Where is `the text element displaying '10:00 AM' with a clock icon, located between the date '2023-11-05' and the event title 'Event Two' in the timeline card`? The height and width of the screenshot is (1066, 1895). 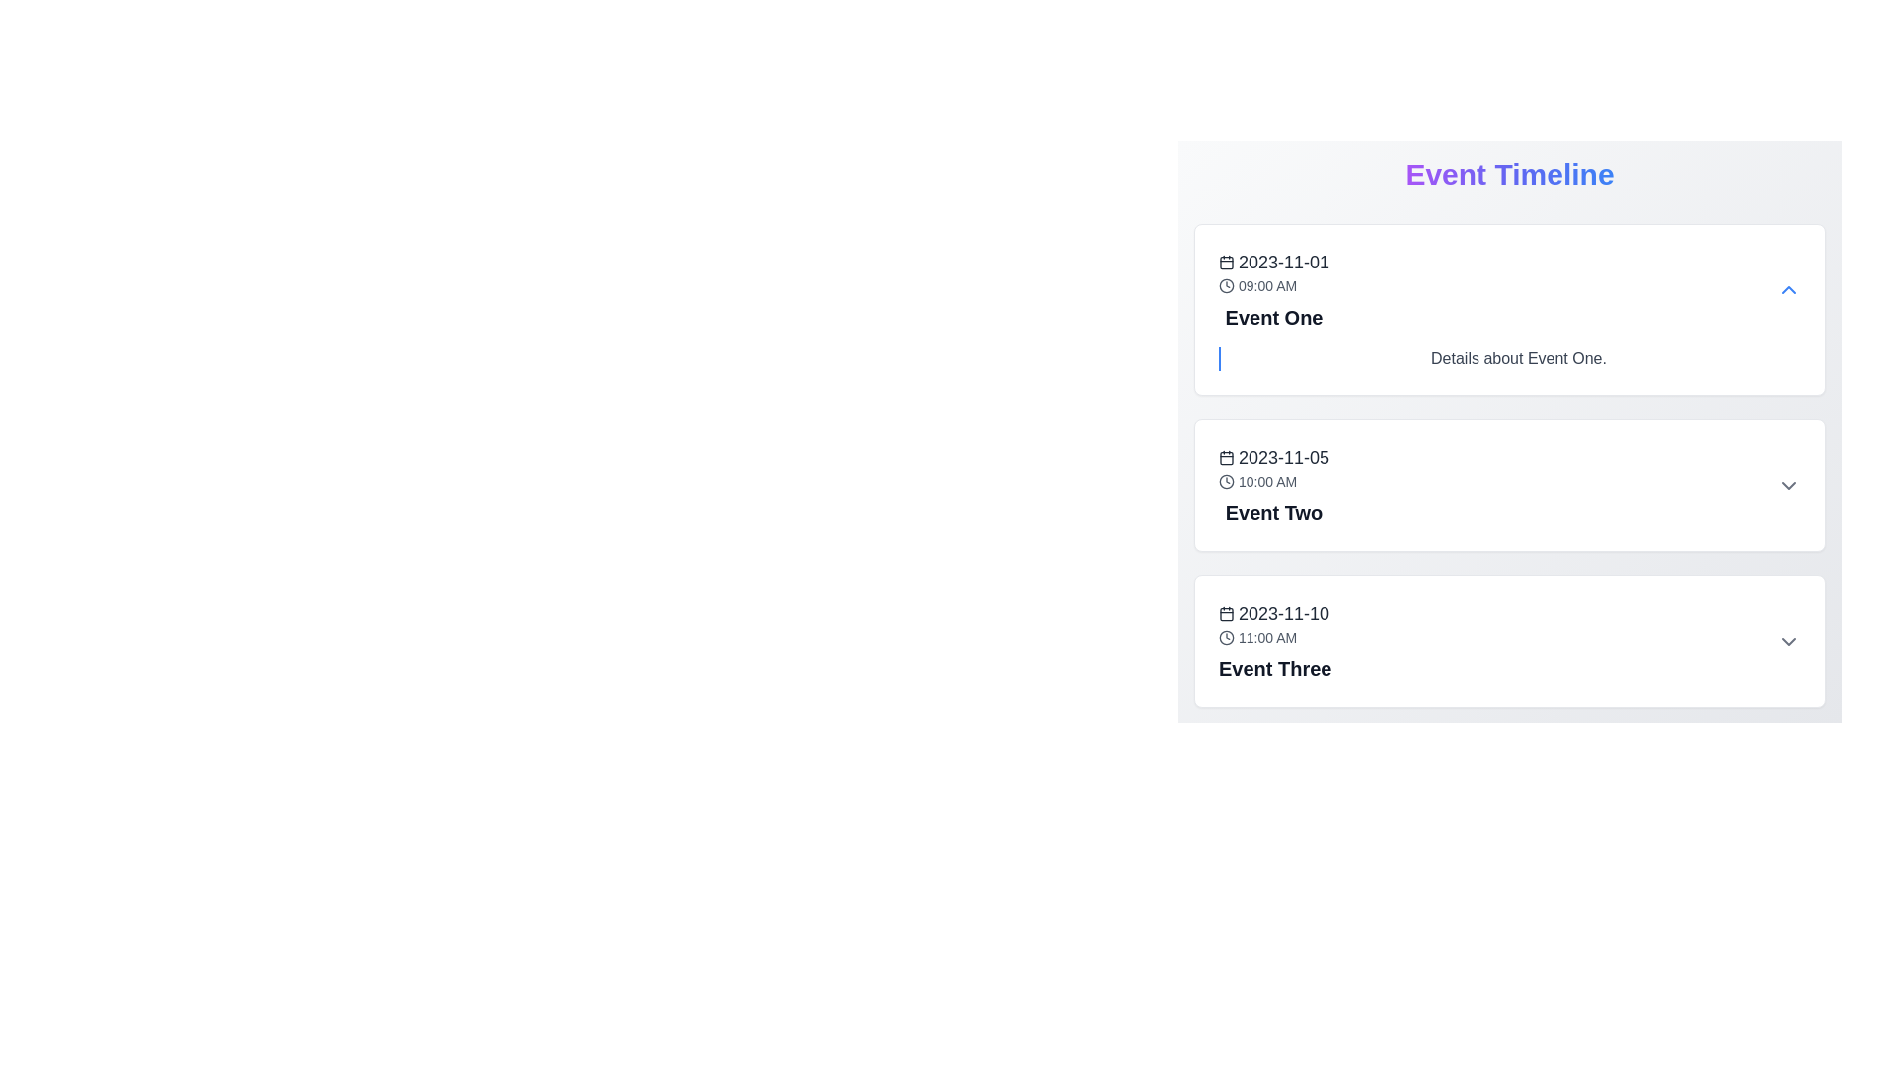 the text element displaying '10:00 AM' with a clock icon, located between the date '2023-11-05' and the event title 'Event Two' in the timeline card is located at coordinates (1274, 482).